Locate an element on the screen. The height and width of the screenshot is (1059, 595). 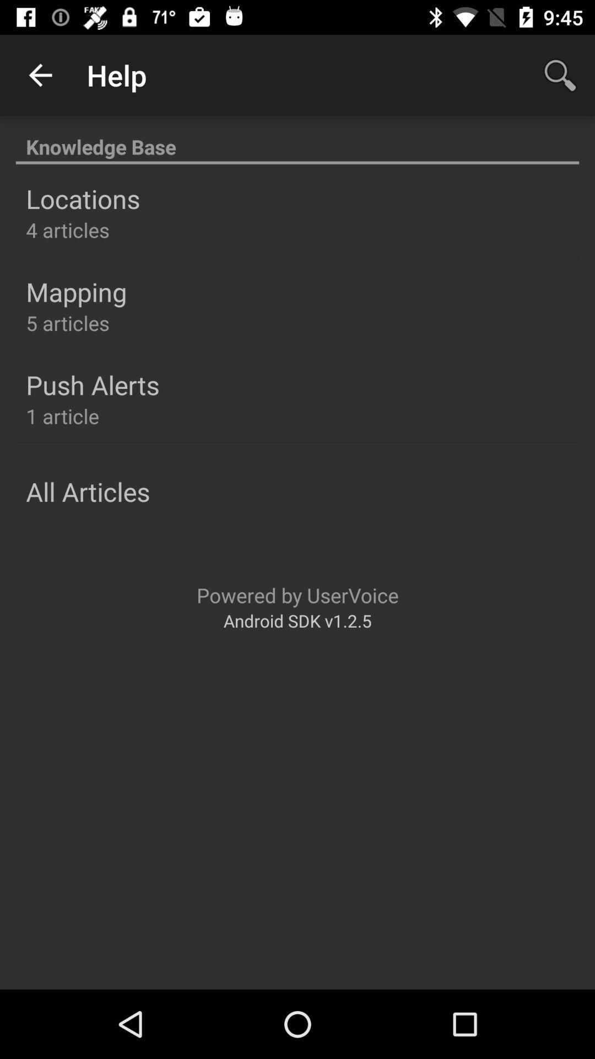
powered by uservoice is located at coordinates (297, 595).